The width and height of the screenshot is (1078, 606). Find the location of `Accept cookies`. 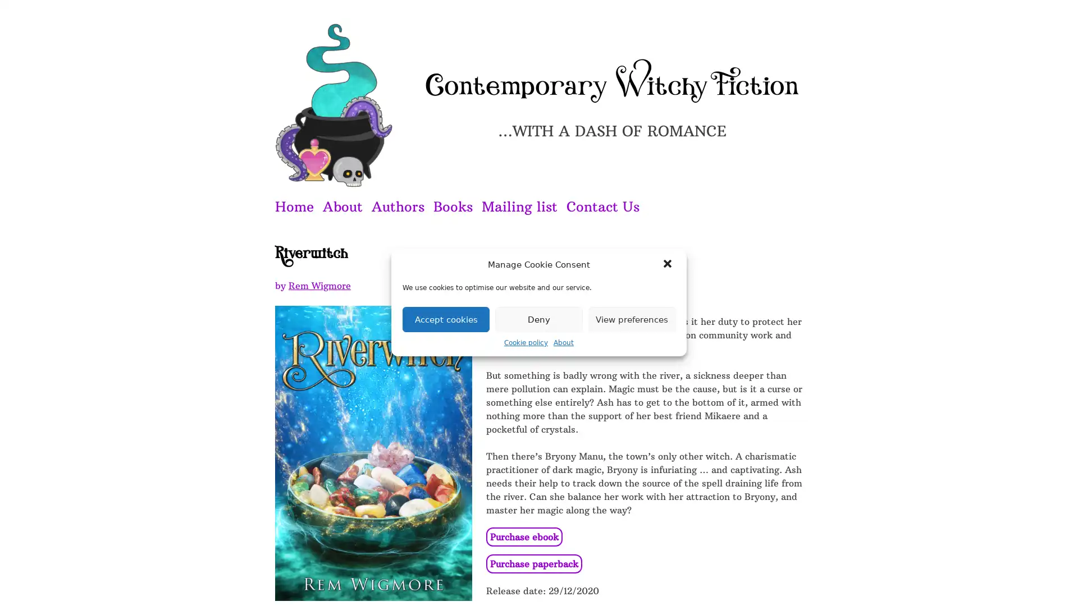

Accept cookies is located at coordinates (445, 319).